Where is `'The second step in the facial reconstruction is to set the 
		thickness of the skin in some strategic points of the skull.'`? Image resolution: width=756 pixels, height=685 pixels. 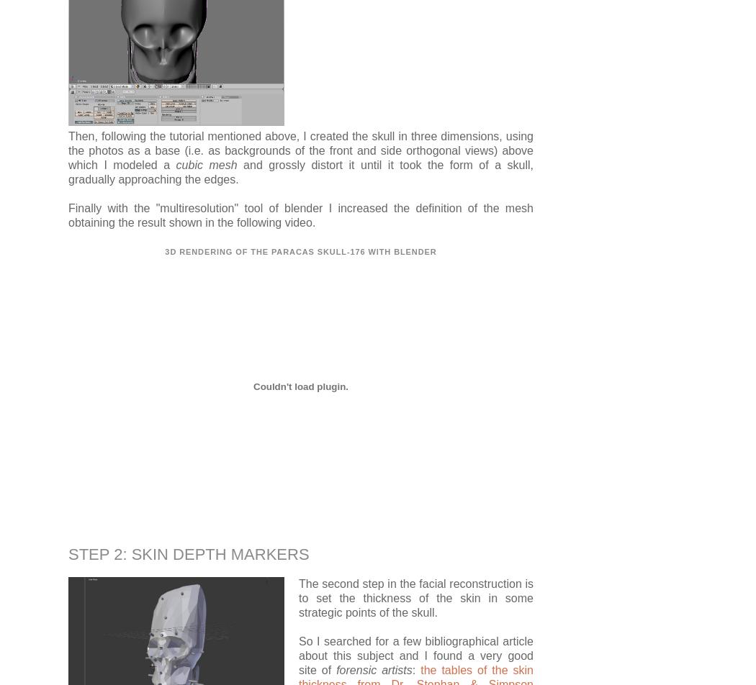 'The second step in the facial reconstruction is to set the 
		thickness of the skin in some strategic points of the skull.' is located at coordinates (415, 597).